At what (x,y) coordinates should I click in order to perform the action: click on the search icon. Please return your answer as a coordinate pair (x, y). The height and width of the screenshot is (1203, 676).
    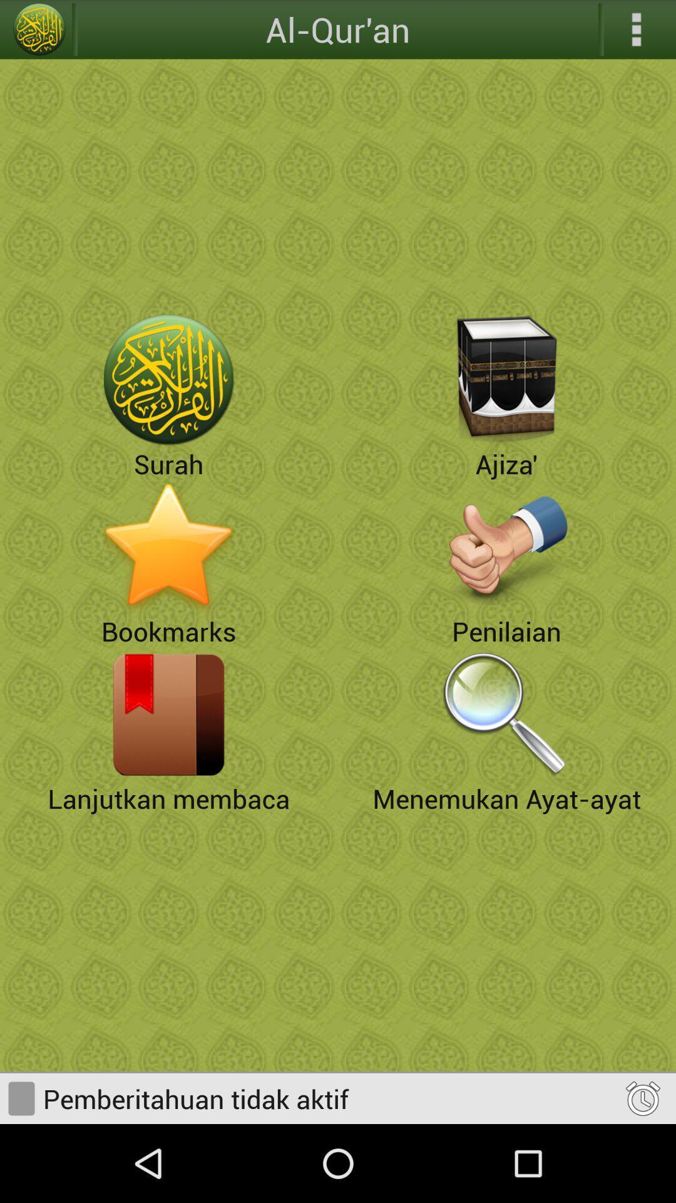
    Looking at the image, I should click on (507, 764).